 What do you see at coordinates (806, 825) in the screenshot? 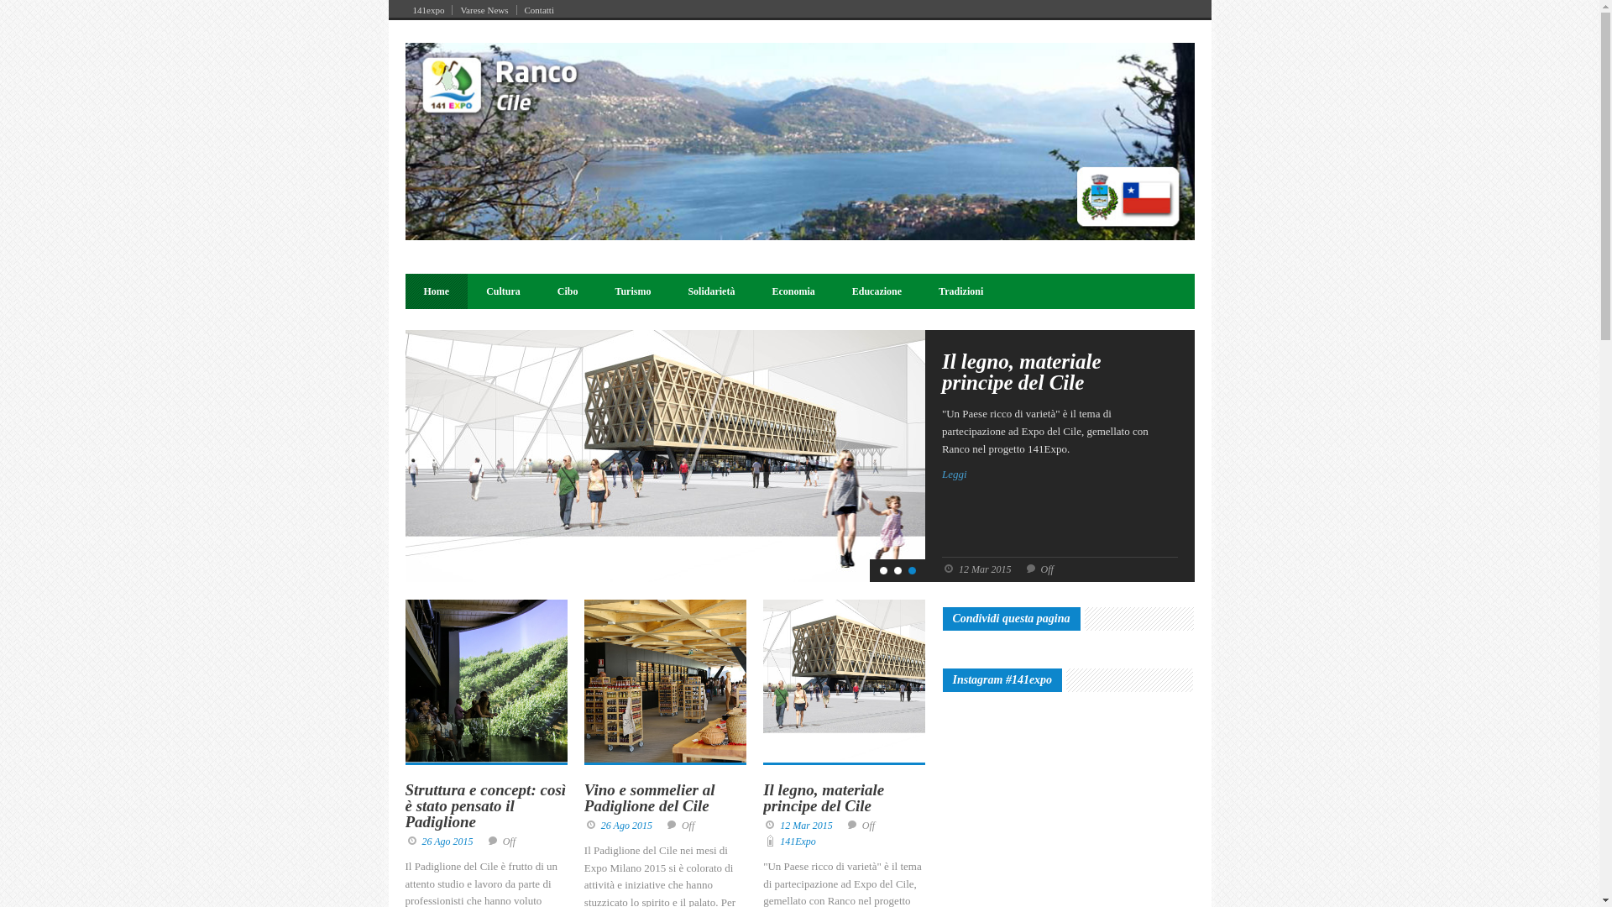
I see `'12 Mar 2015'` at bounding box center [806, 825].